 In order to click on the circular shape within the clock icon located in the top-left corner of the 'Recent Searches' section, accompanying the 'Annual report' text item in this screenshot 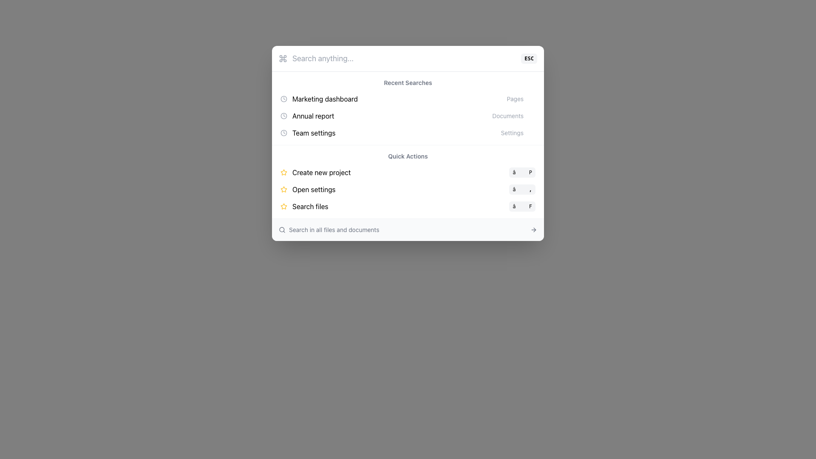, I will do `click(283, 98)`.